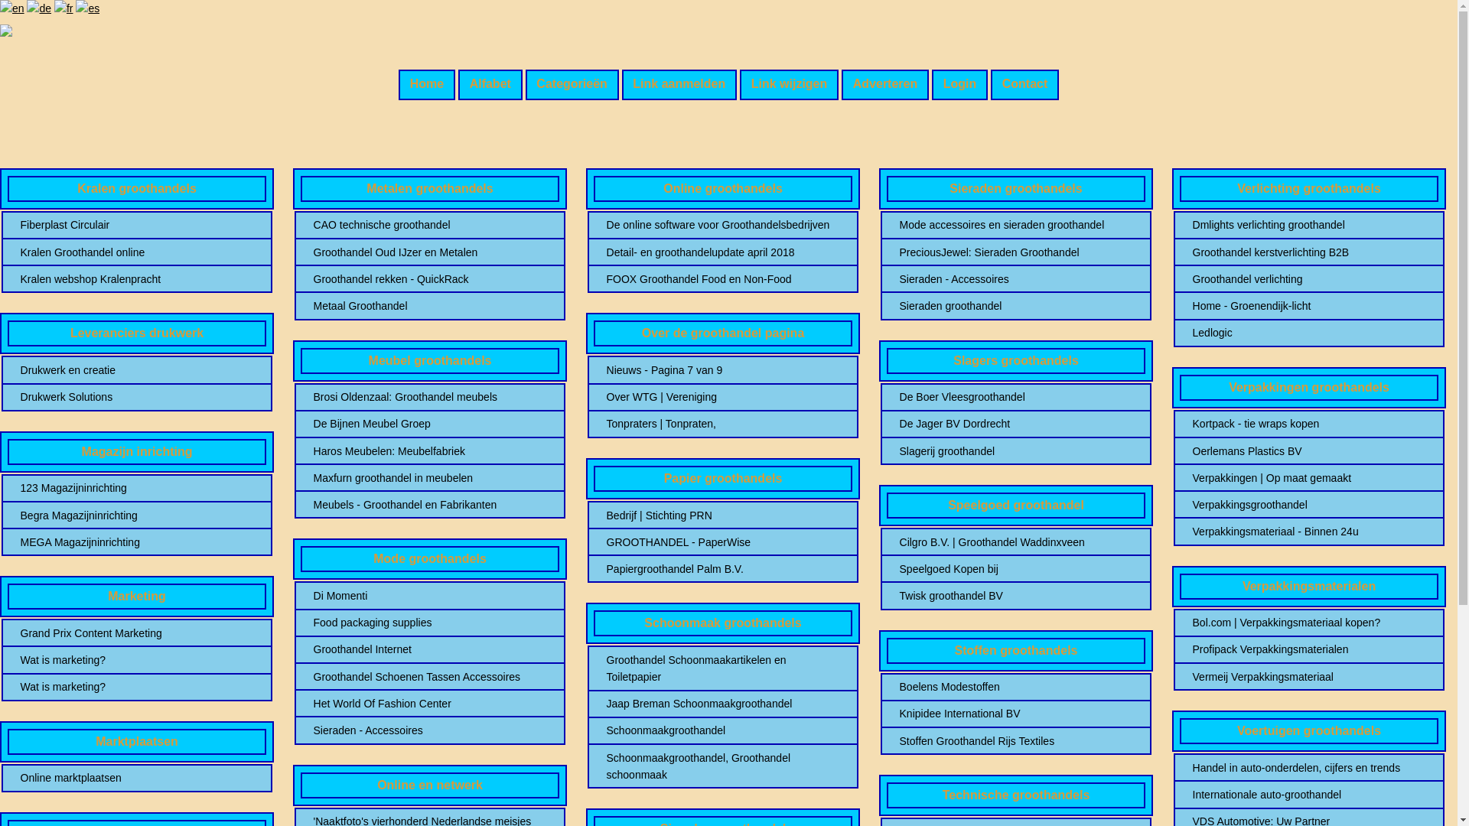 The width and height of the screenshot is (1469, 826). I want to click on 'MEGA Magazijninrichting', so click(137, 541).